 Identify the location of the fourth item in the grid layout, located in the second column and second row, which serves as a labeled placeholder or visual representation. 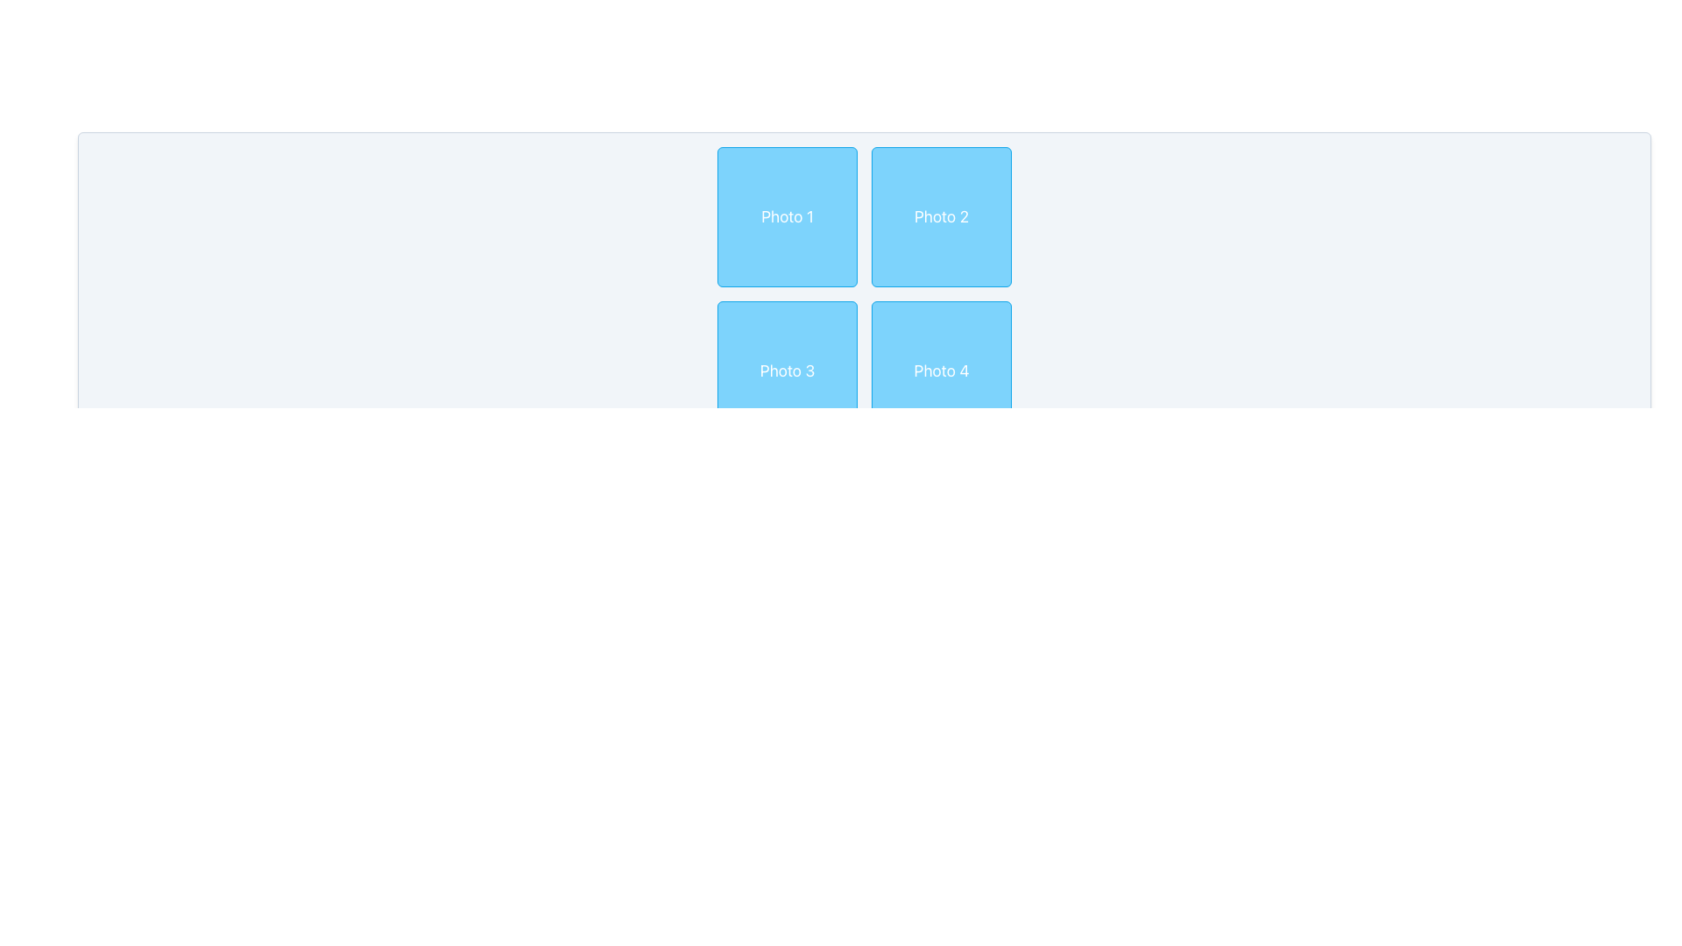
(941, 371).